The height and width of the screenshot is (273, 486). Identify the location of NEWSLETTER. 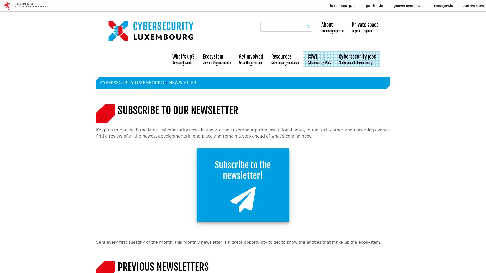
(182, 82).